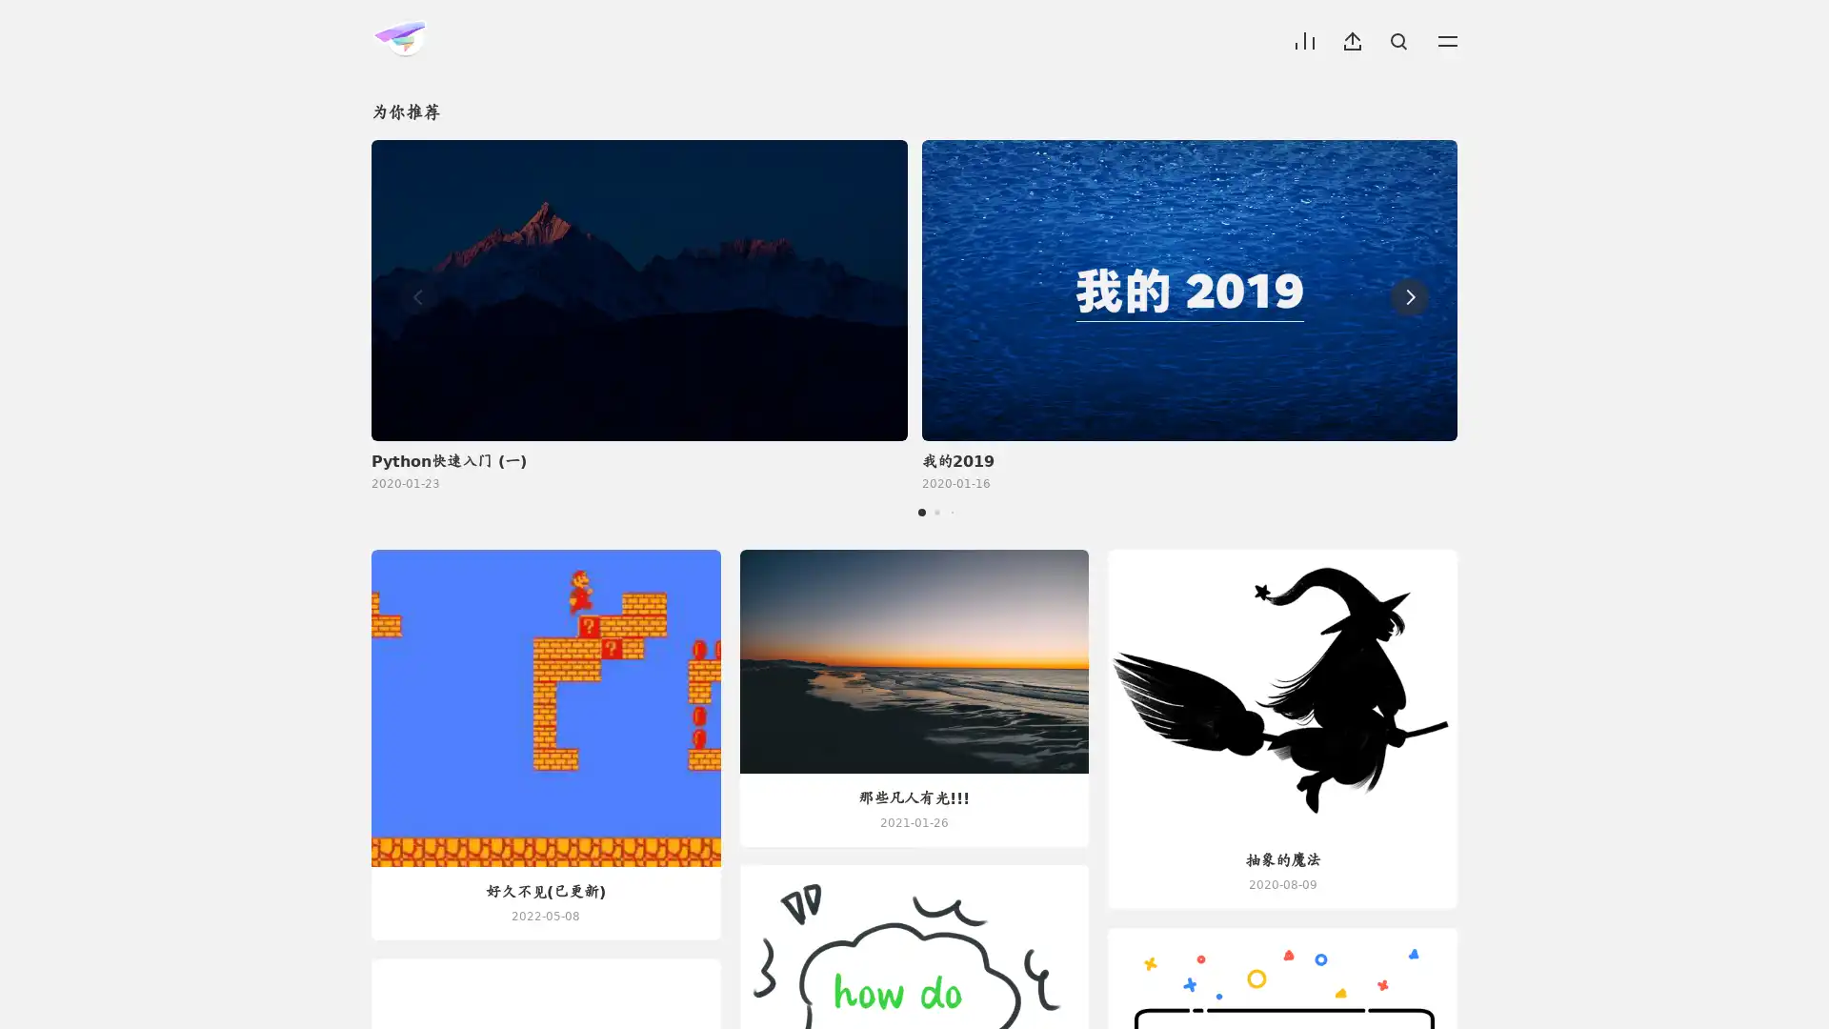 This screenshot has width=1829, height=1029. What do you see at coordinates (418, 297) in the screenshot?
I see `Previous slide` at bounding box center [418, 297].